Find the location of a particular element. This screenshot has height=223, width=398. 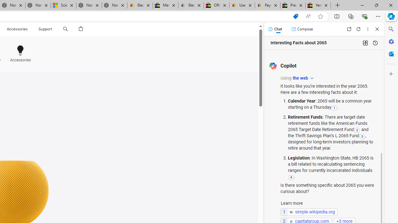

'AutomationID: globalnav-bag' is located at coordinates (81, 29).